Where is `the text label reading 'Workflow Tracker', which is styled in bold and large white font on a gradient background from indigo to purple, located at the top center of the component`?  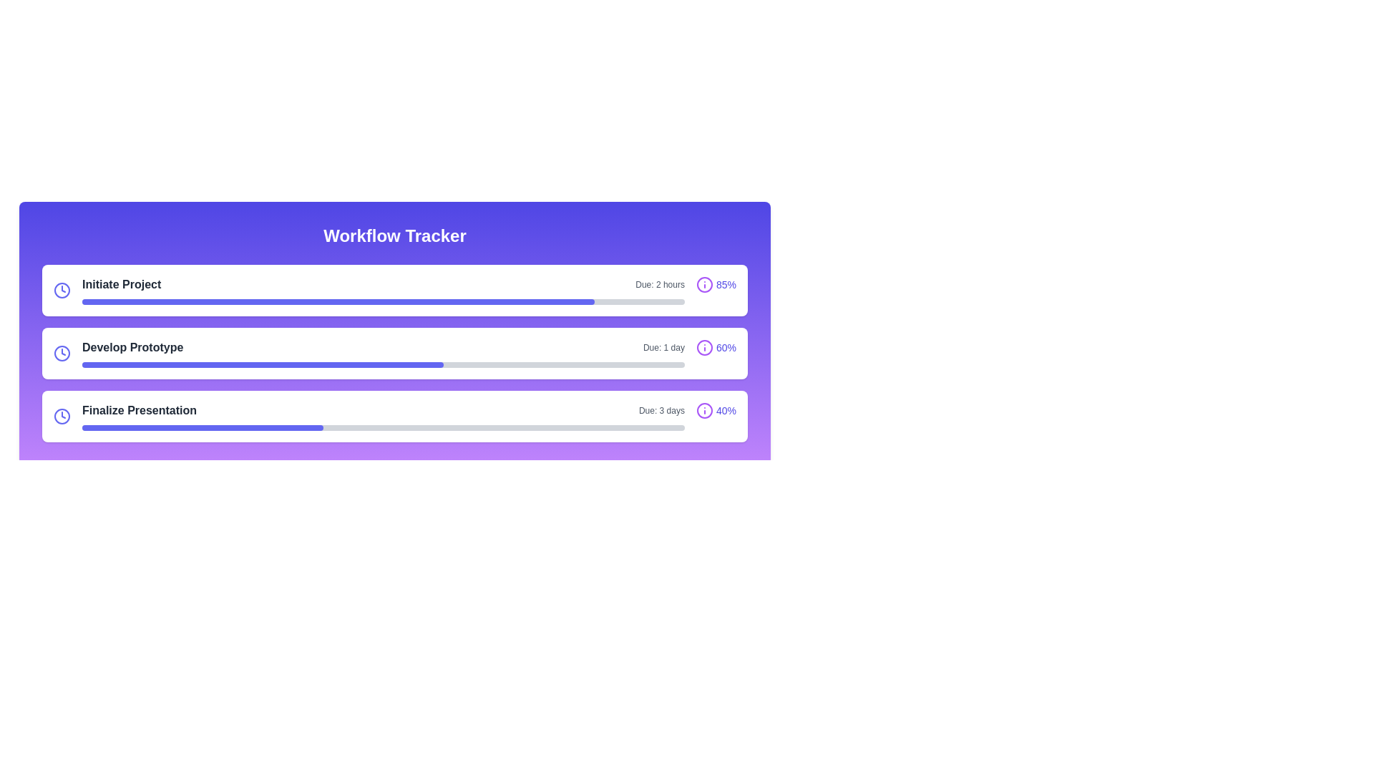 the text label reading 'Workflow Tracker', which is styled in bold and large white font on a gradient background from indigo to purple, located at the top center of the component is located at coordinates (395, 235).